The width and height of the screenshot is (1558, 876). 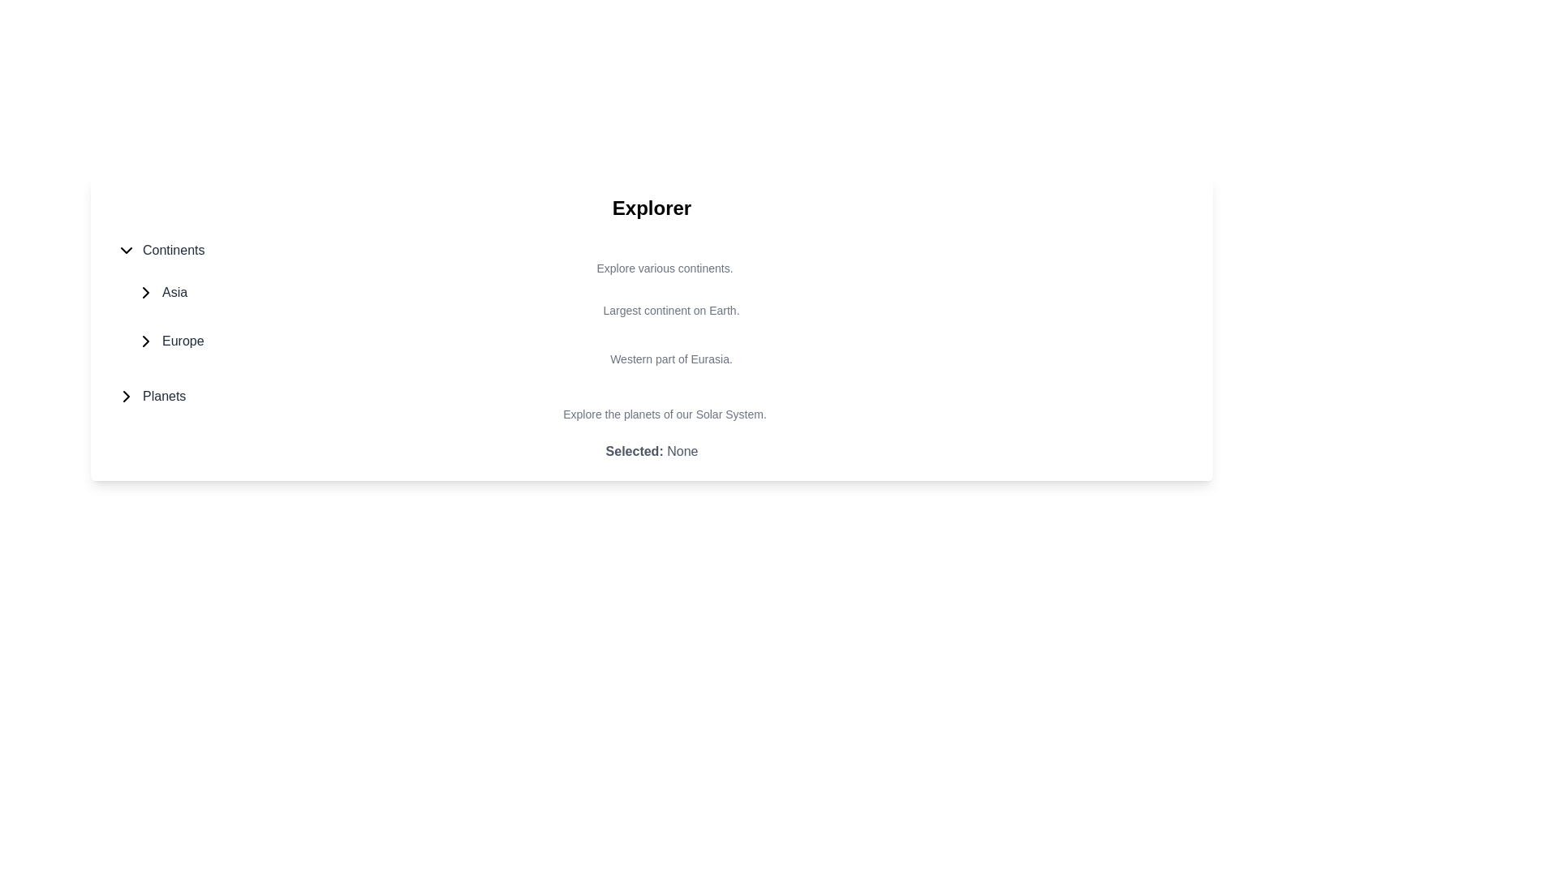 What do you see at coordinates (146, 340) in the screenshot?
I see `the small chevron button with a thin black outline, located to the left of the 'Europe' text label` at bounding box center [146, 340].